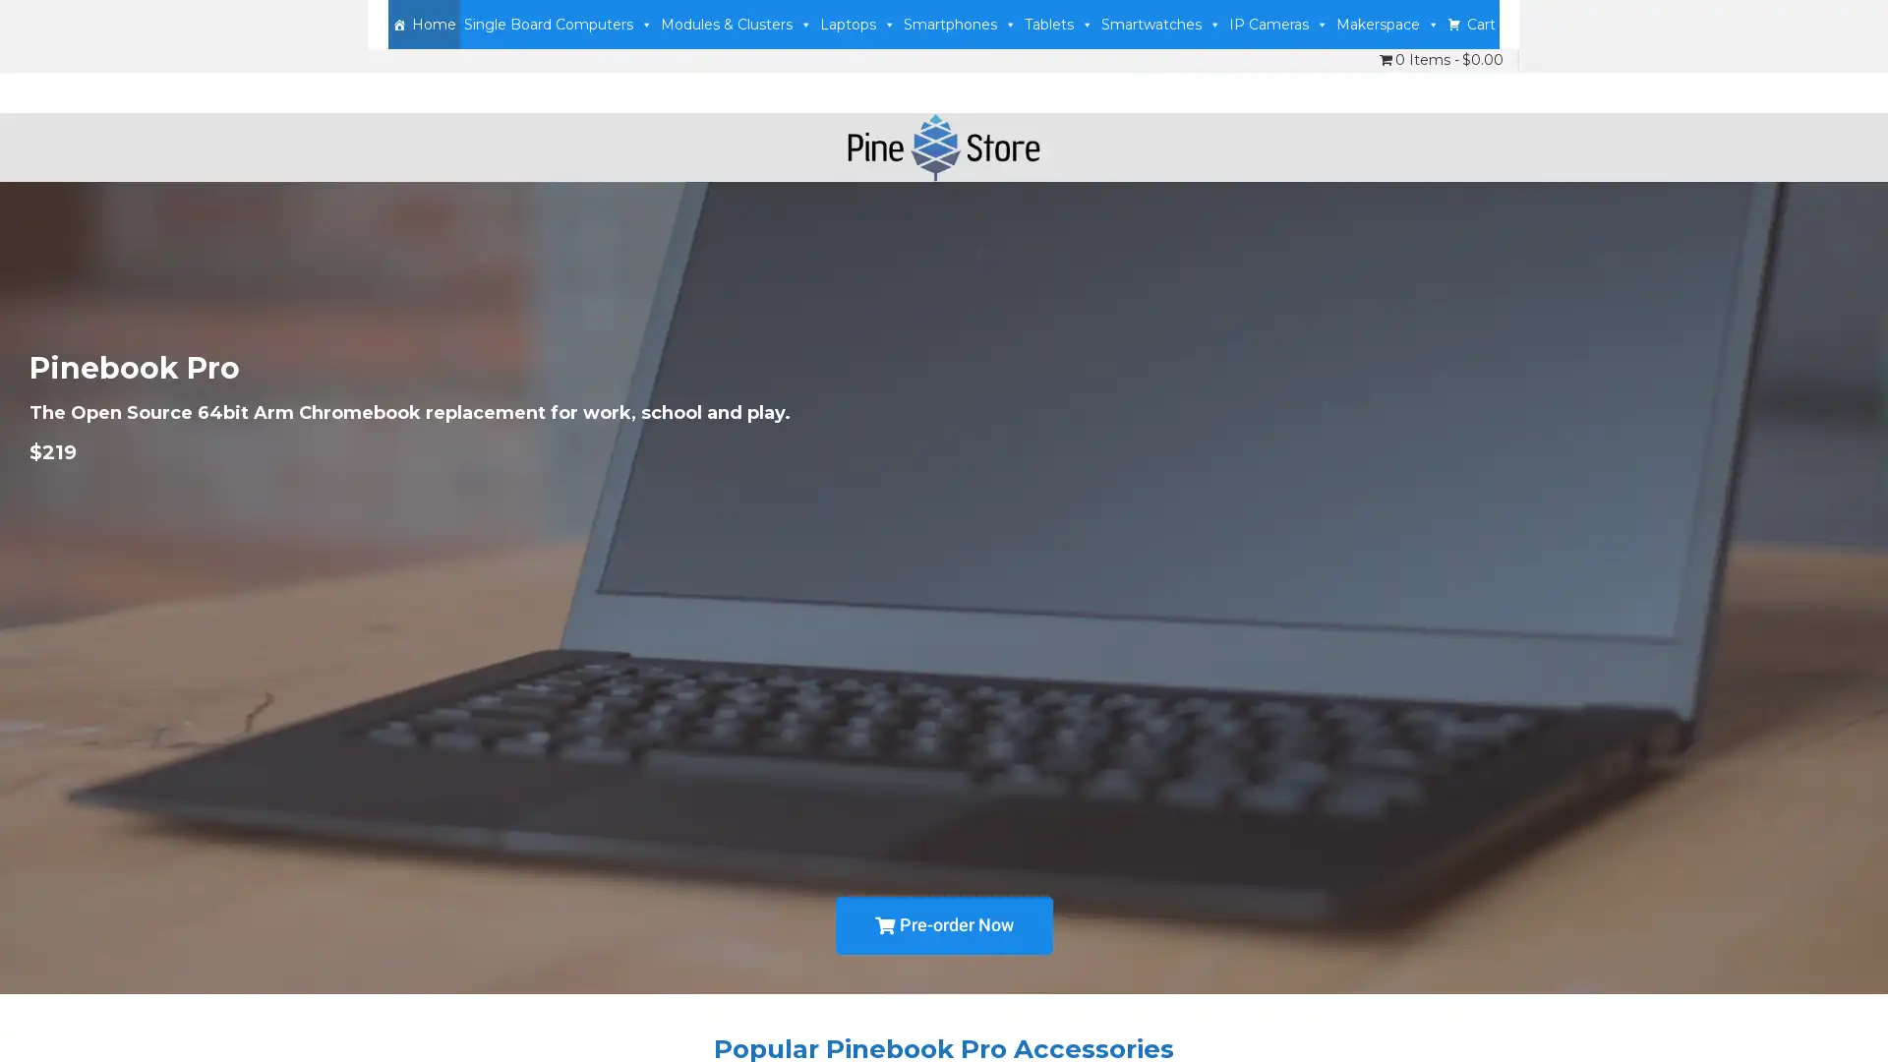  Describe the element at coordinates (942, 925) in the screenshot. I see `Pre-order Now` at that location.